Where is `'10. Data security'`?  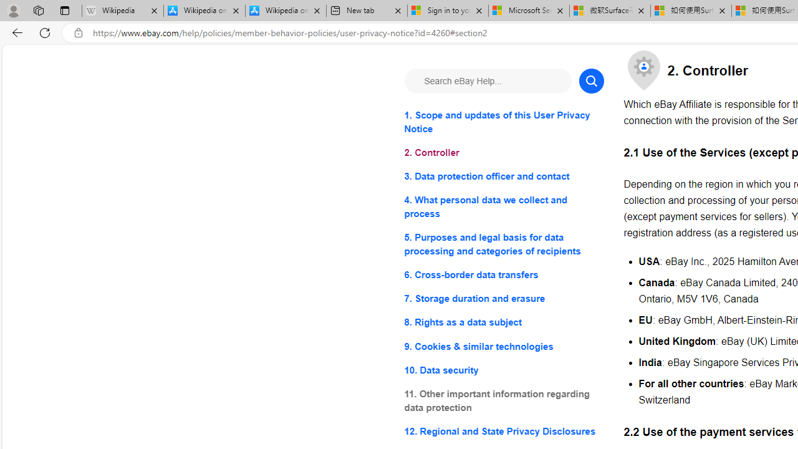
'10. Data security' is located at coordinates (504, 369).